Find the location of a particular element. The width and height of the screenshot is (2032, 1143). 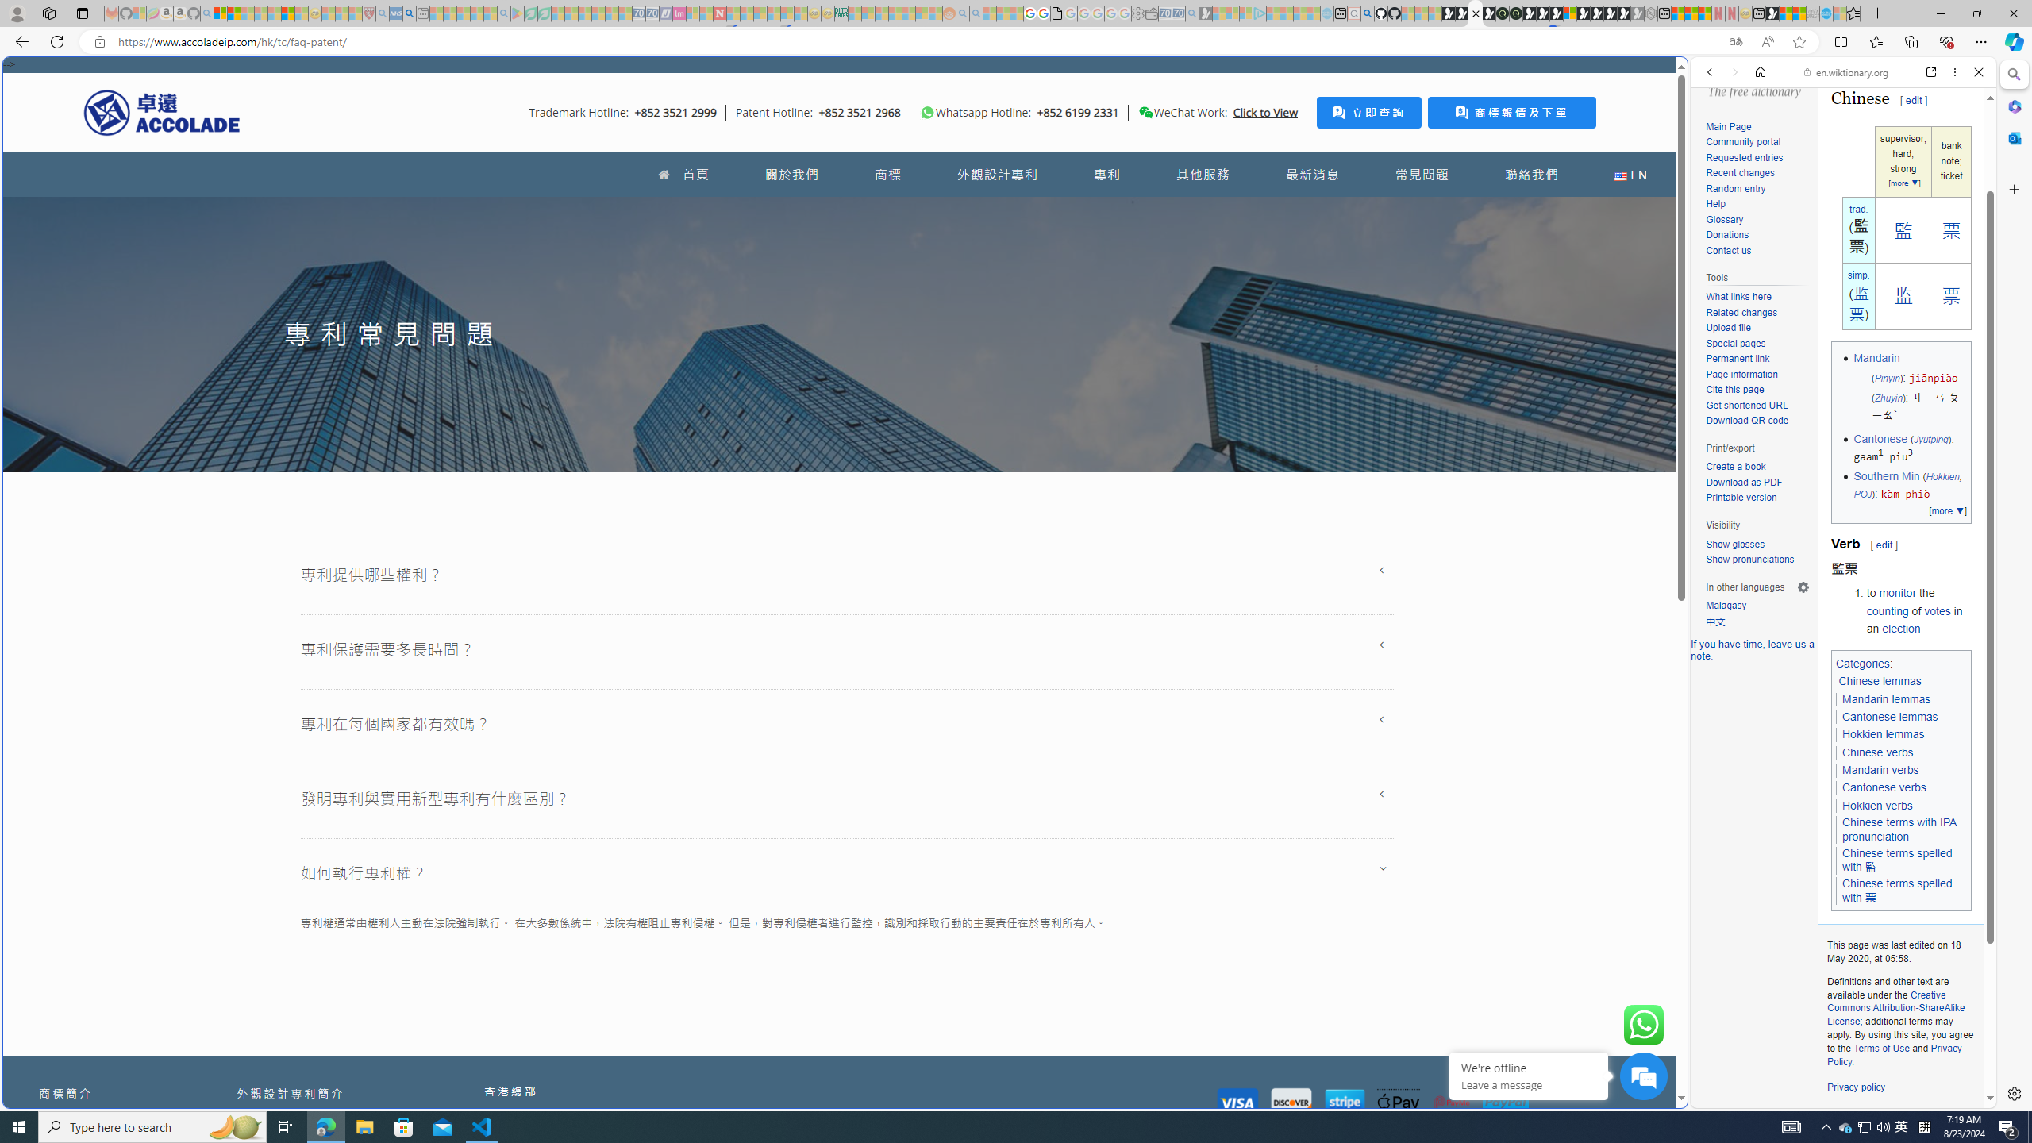

'Hokkien verbs' is located at coordinates (1876, 805).